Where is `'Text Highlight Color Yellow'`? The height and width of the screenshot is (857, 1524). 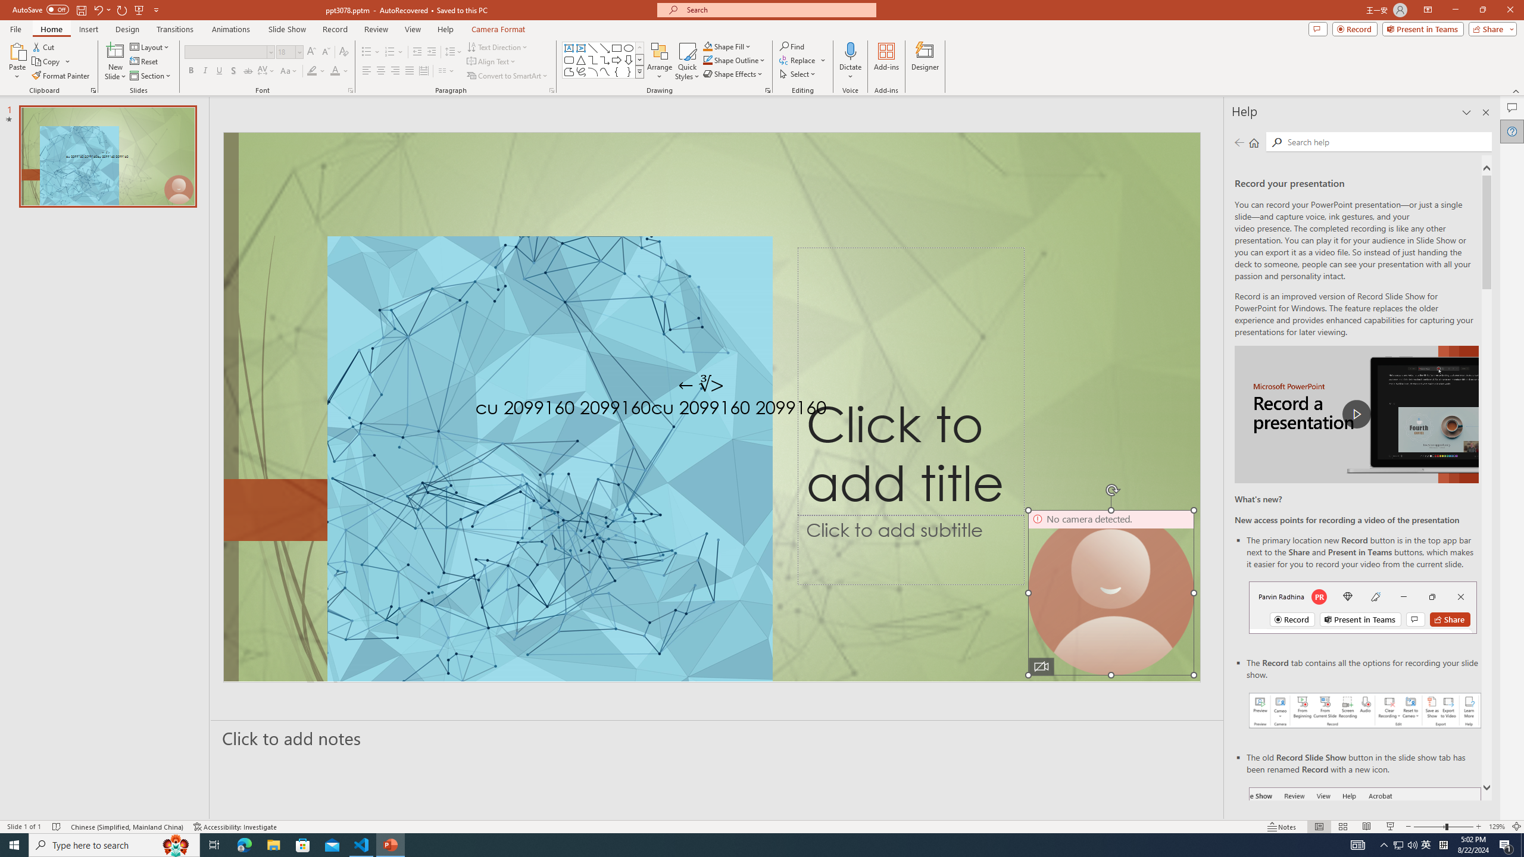
'Text Highlight Color Yellow' is located at coordinates (311, 70).